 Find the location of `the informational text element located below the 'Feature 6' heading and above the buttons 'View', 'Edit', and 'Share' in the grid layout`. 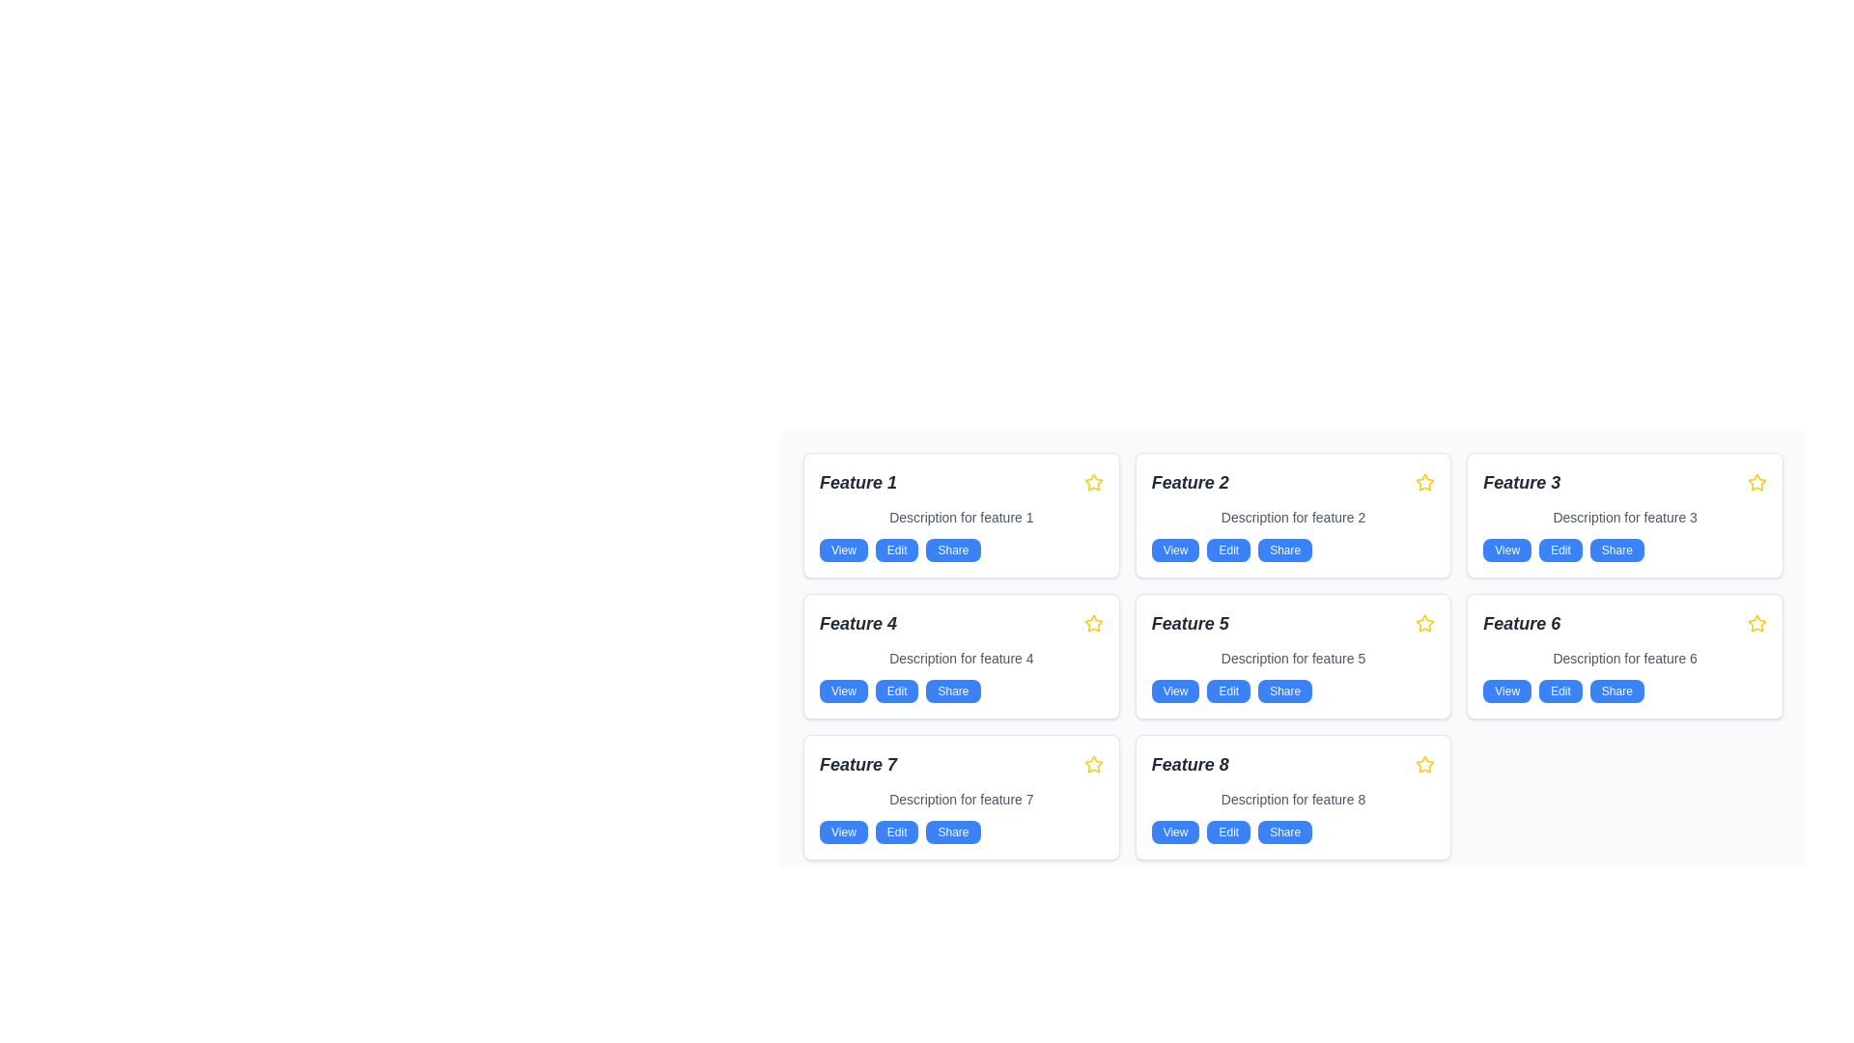

the informational text element located below the 'Feature 6' heading and above the buttons 'View', 'Edit', and 'Share' in the grid layout is located at coordinates (1624, 658).